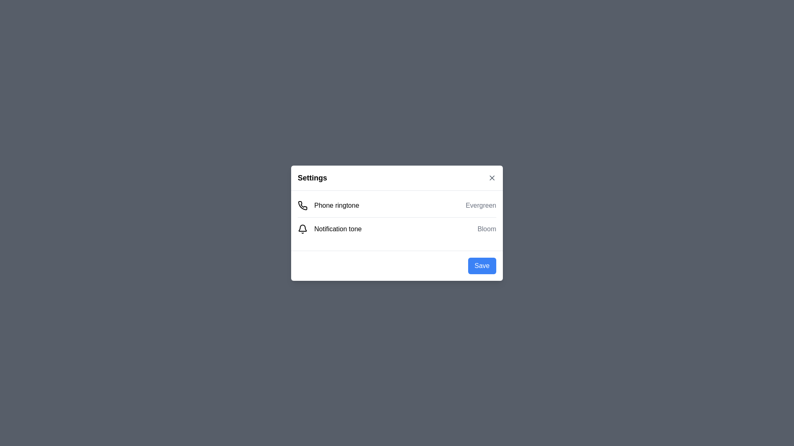 Image resolution: width=794 pixels, height=446 pixels. Describe the element at coordinates (397, 216) in the screenshot. I see `the 'Notification tone' item in the list of selectable items within the 'Settings' modal` at that location.